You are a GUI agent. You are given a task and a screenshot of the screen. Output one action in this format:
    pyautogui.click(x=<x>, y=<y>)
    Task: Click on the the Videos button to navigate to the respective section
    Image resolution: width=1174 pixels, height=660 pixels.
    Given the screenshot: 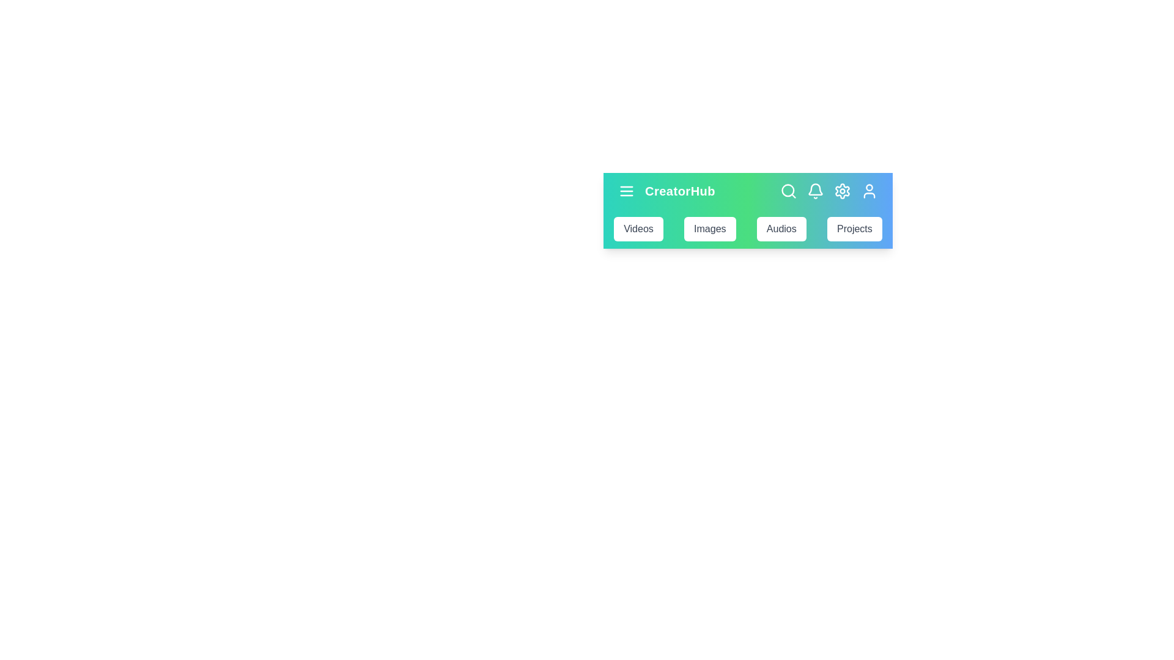 What is the action you would take?
    pyautogui.click(x=637, y=229)
    